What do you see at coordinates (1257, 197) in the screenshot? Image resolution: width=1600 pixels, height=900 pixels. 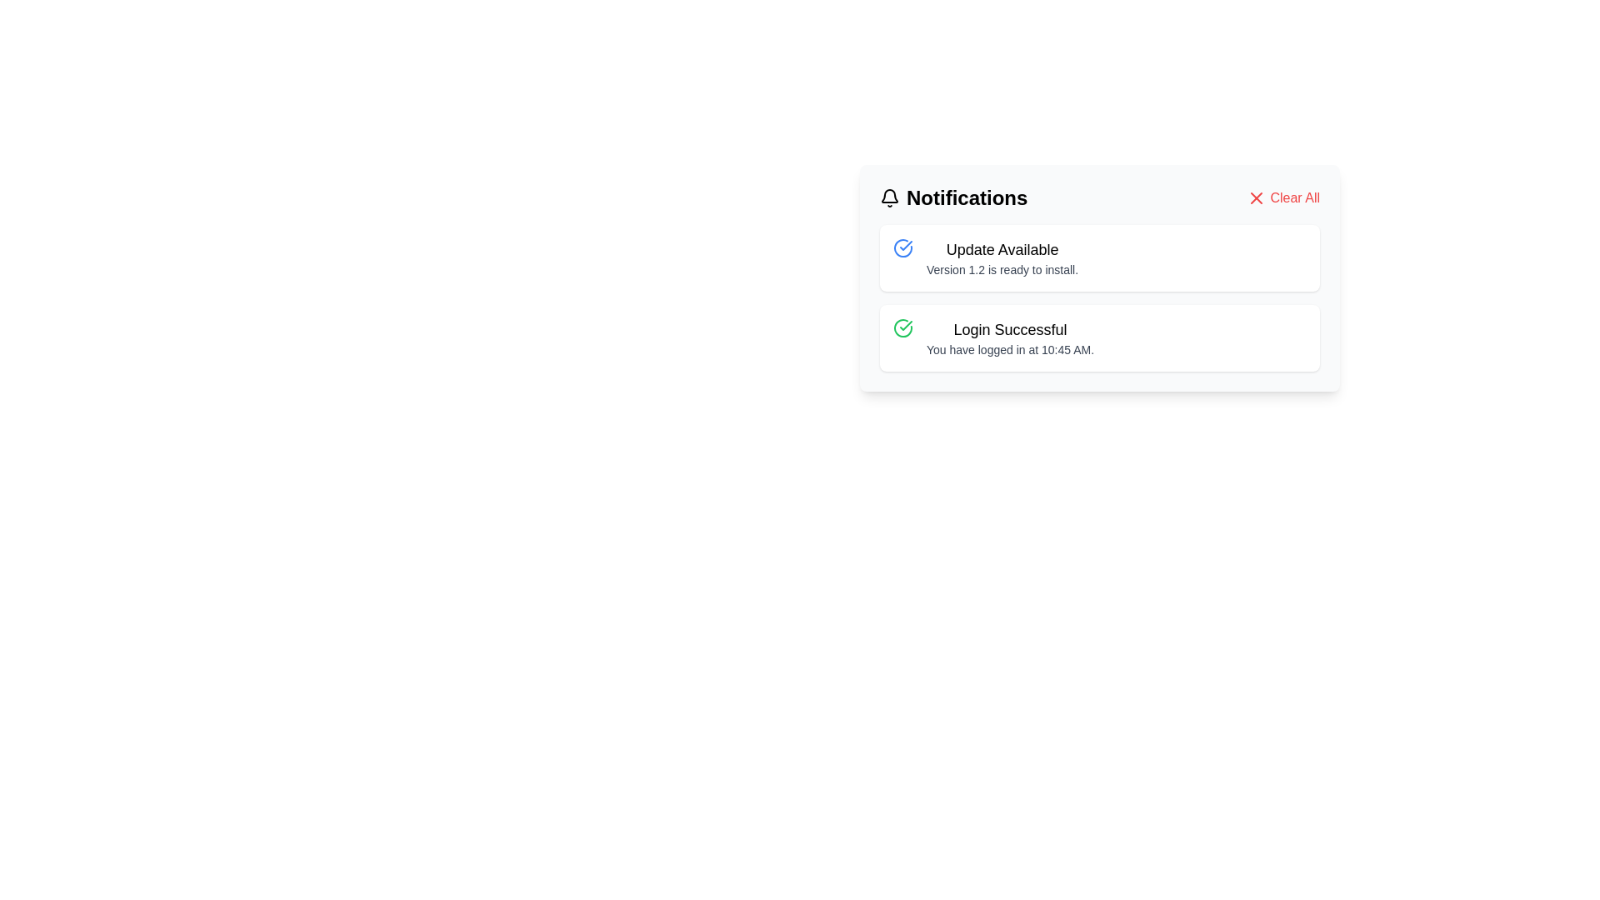 I see `the 'X' icon, which is a red minimalistic symbol located to the left of the 'Clear All' text in the top-right corner of the notification card` at bounding box center [1257, 197].